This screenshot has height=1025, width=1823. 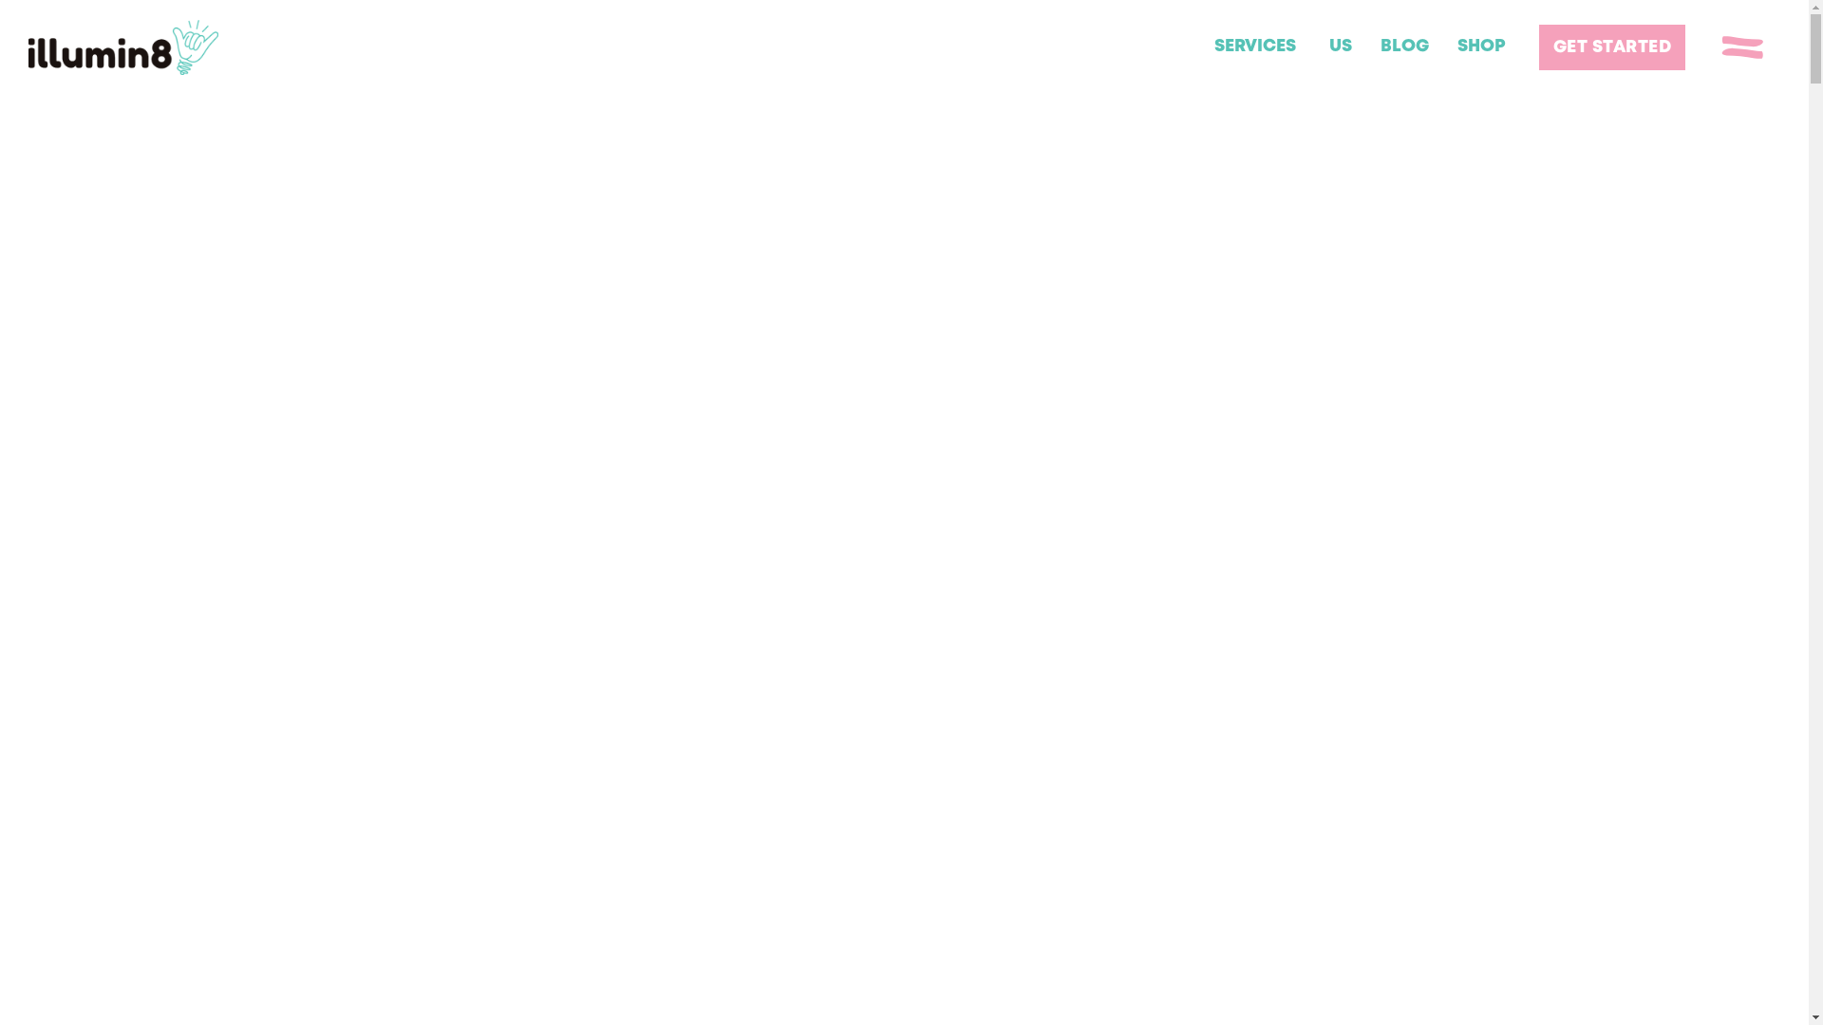 I want to click on 'SHOP', so click(x=1480, y=47).